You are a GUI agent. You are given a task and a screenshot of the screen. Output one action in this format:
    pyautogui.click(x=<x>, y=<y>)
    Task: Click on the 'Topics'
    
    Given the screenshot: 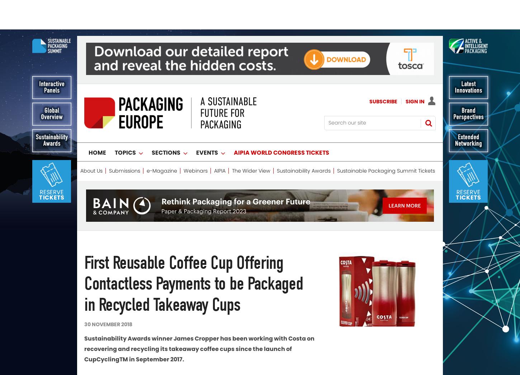 What is the action you would take?
    pyautogui.click(x=115, y=123)
    